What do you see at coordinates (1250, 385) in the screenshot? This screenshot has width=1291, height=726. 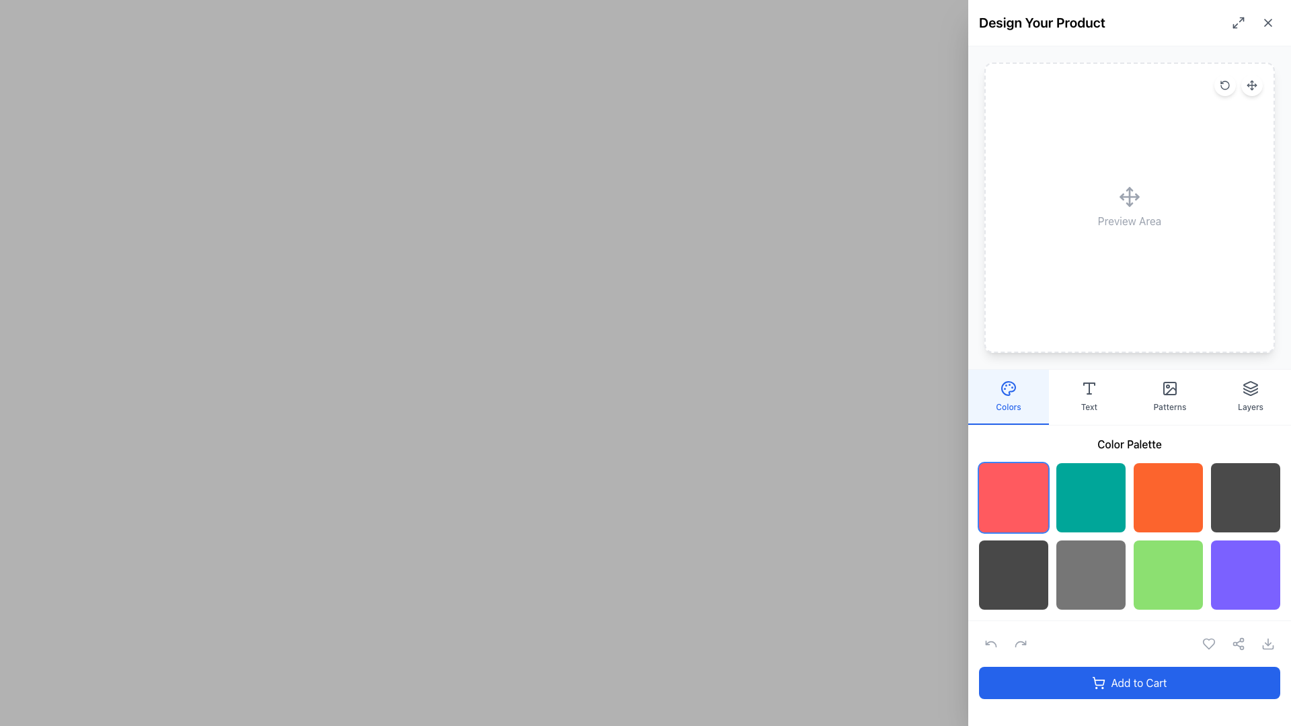 I see `the top triangular layer of the layered icon, which serves a visual purpose in the UI` at bounding box center [1250, 385].